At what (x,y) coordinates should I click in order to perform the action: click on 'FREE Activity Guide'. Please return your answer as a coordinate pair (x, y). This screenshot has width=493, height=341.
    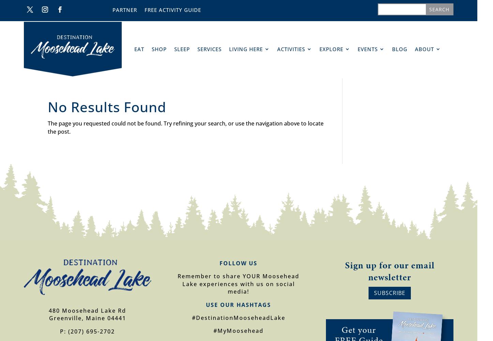
    Looking at the image, I should click on (144, 10).